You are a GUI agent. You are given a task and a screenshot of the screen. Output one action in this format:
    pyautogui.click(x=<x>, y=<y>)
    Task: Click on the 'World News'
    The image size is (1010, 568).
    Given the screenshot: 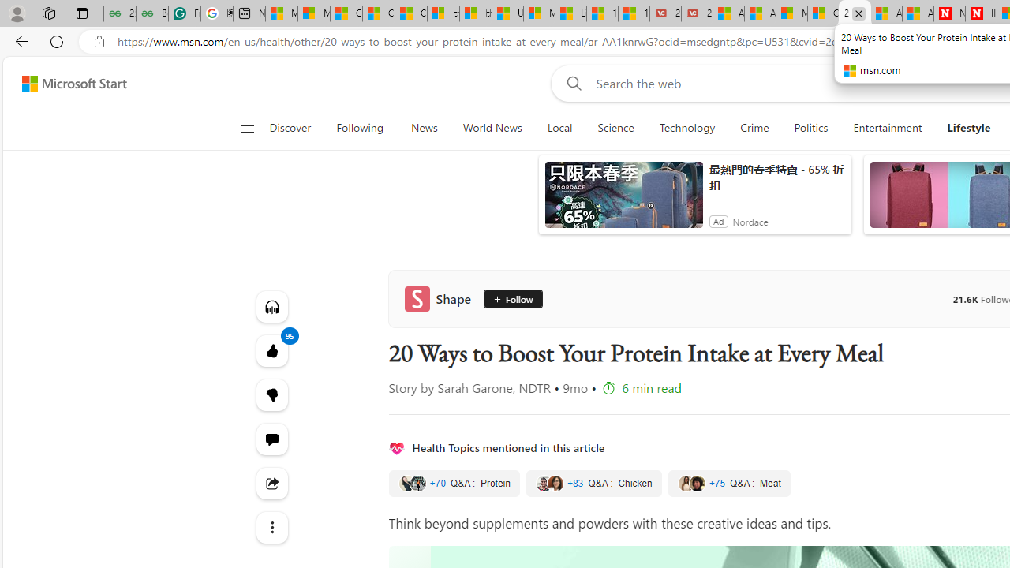 What is the action you would take?
    pyautogui.click(x=492, y=128)
    